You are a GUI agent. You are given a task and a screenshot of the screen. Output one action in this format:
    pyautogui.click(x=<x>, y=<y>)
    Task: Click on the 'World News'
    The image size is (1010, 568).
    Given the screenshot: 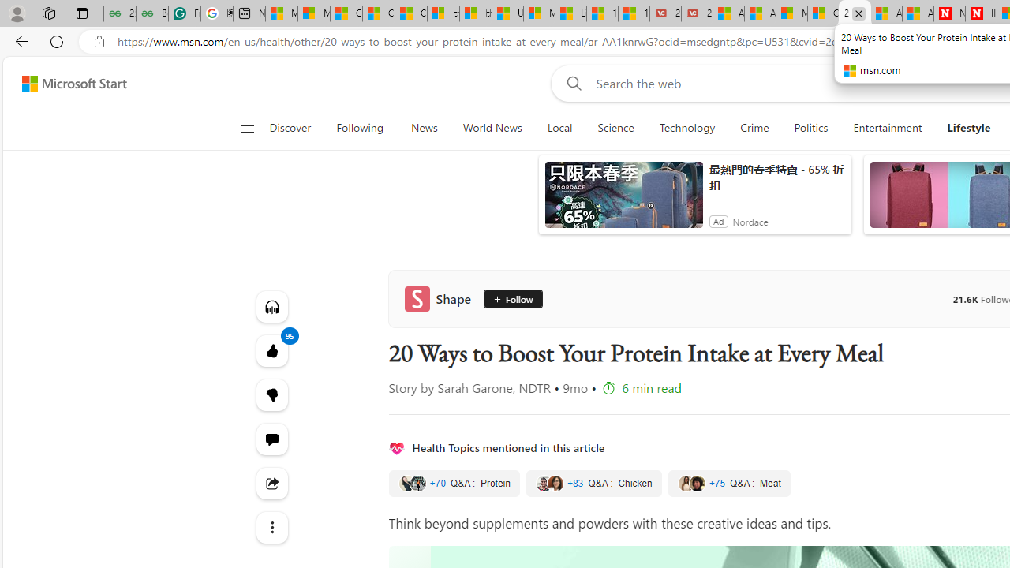 What is the action you would take?
    pyautogui.click(x=492, y=128)
    